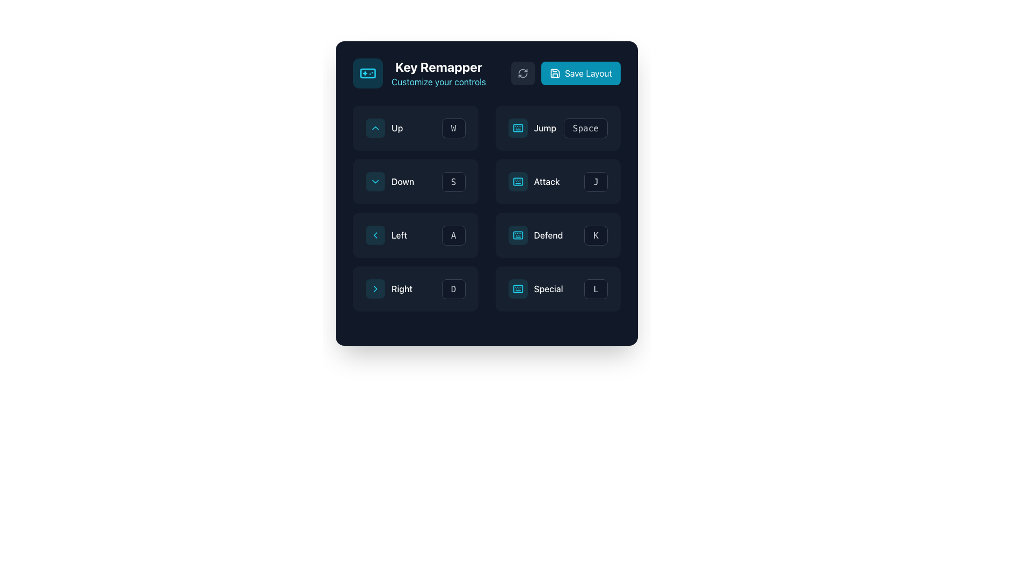 Image resolution: width=1030 pixels, height=579 pixels. What do you see at coordinates (376, 235) in the screenshot?
I see `the non-interactive chevron icon within the 'Left' button in the key remapper layout, which serves as a visual indicator for the 'Left' action` at bounding box center [376, 235].